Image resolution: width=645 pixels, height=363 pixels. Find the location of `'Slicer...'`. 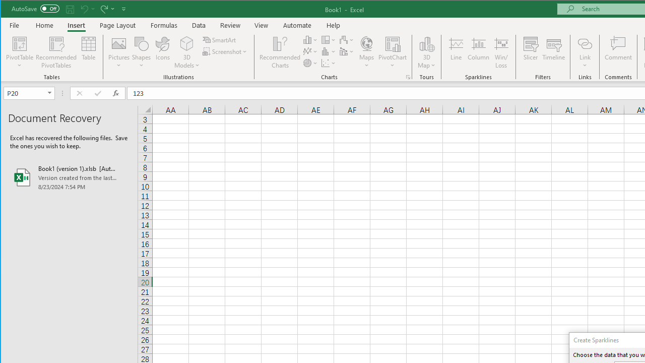

'Slicer...' is located at coordinates (530, 52).